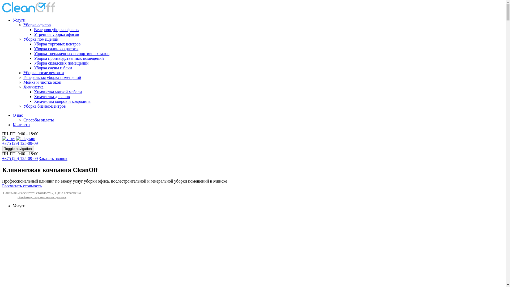 The height and width of the screenshot is (287, 510). What do you see at coordinates (20, 143) in the screenshot?
I see `'+375 (29) 125-09-09'` at bounding box center [20, 143].